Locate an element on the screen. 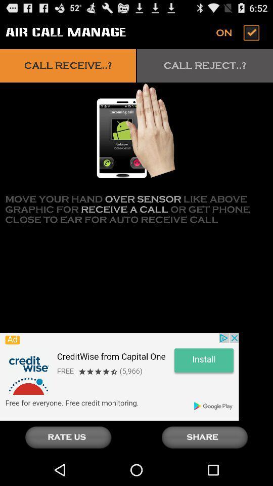 This screenshot has width=273, height=486. on off is located at coordinates (239, 32).